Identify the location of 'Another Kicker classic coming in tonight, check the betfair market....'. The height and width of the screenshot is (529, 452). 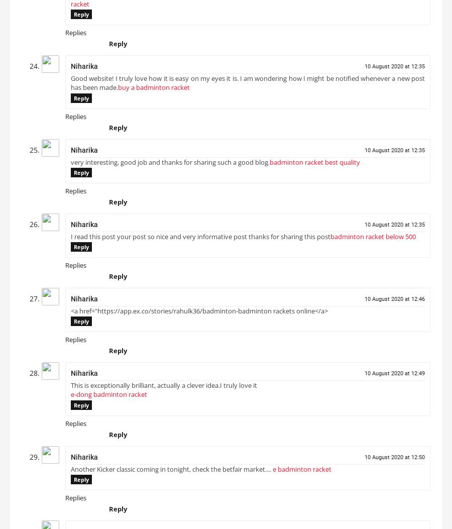
(171, 472).